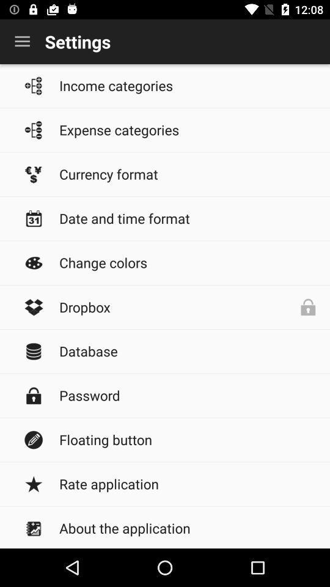  What do you see at coordinates (22, 42) in the screenshot?
I see `the icon next to settings` at bounding box center [22, 42].